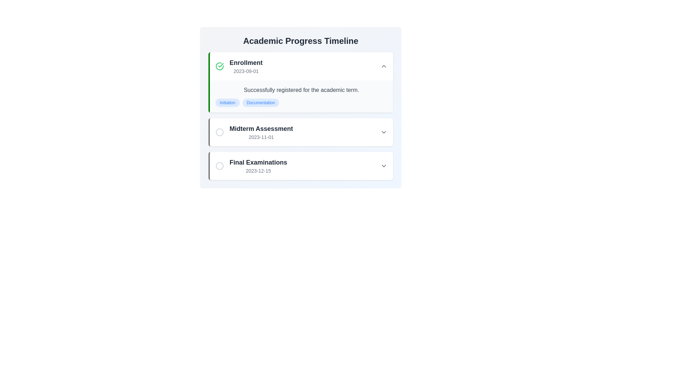 This screenshot has width=675, height=379. Describe the element at coordinates (258, 171) in the screenshot. I see `the static text displaying the date '2023-12-15' located below the title 'Final Examinations' in the academic progress timeline` at that location.